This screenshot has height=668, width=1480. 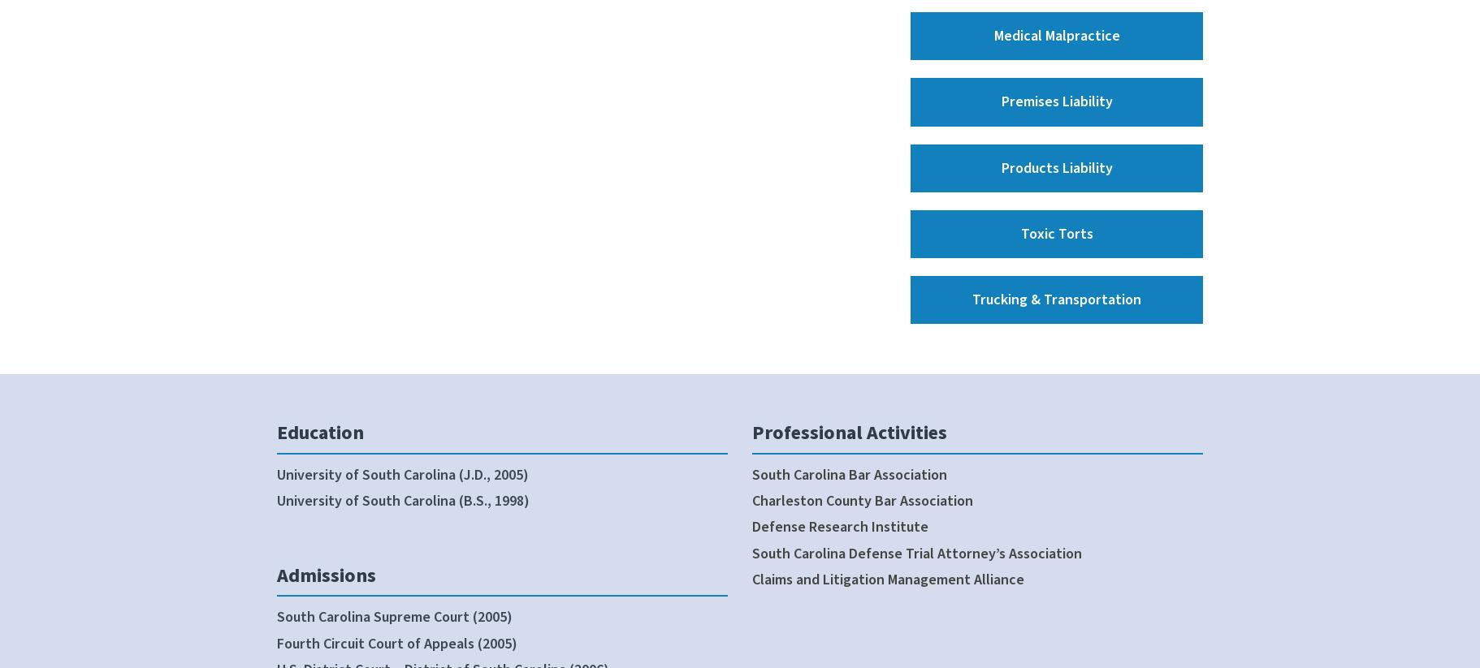 I want to click on 'Education', so click(x=319, y=432).